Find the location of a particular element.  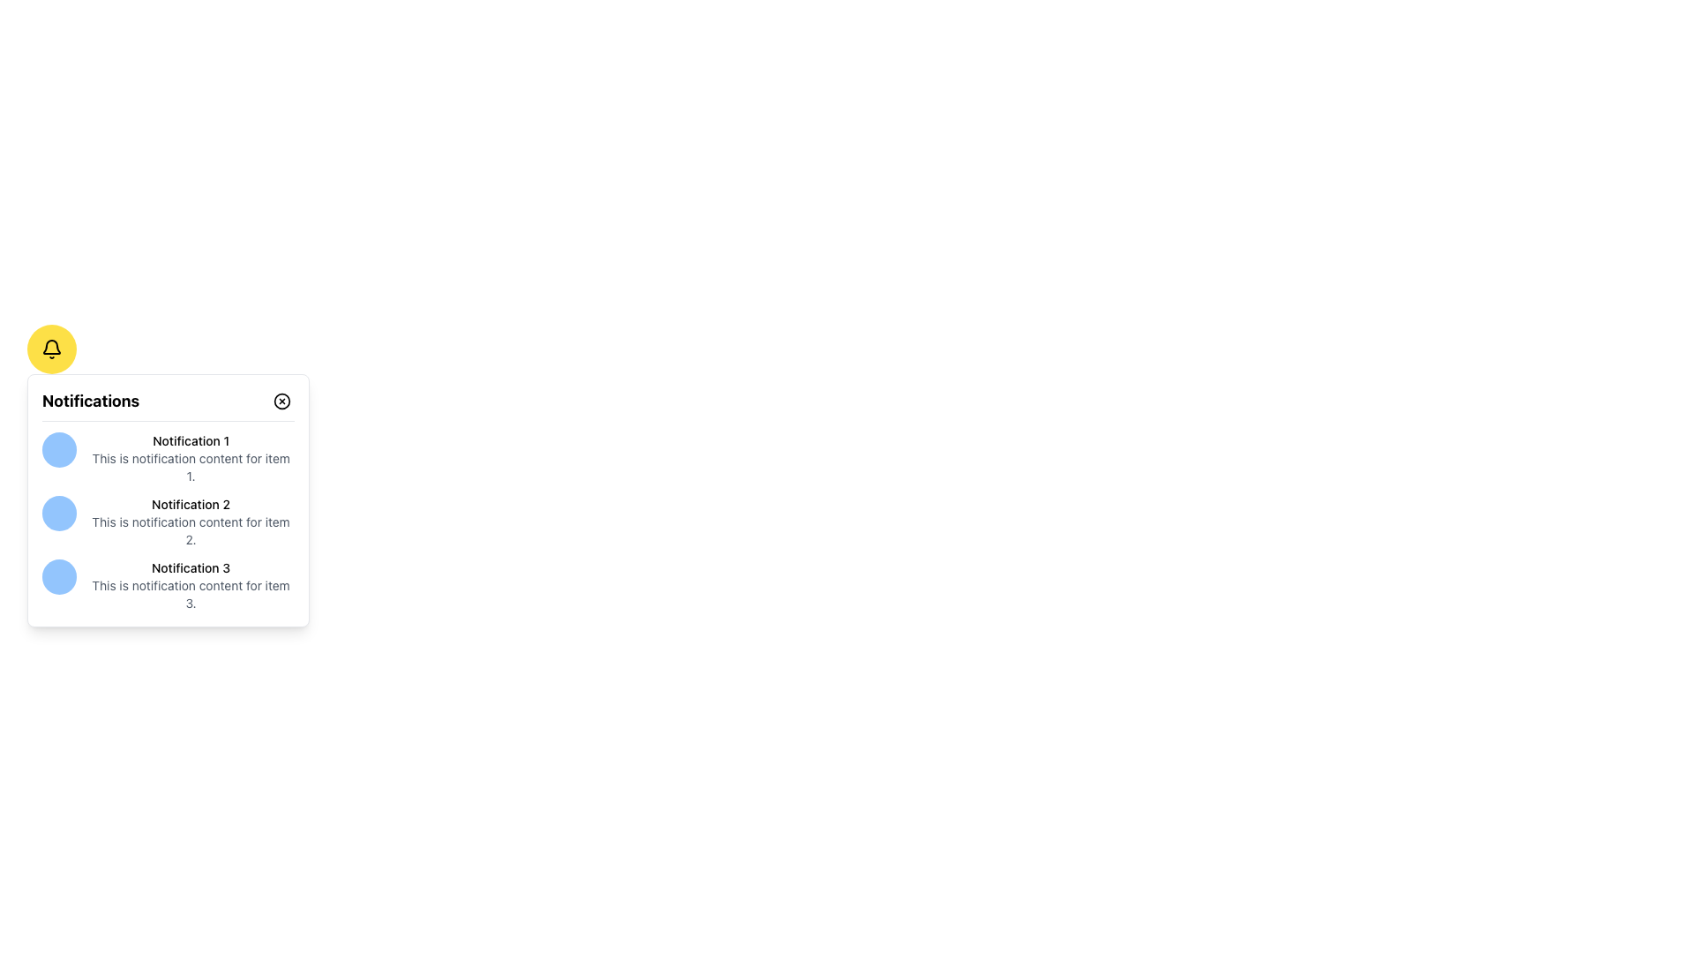

the first notification item in the notification panel is located at coordinates (169, 458).